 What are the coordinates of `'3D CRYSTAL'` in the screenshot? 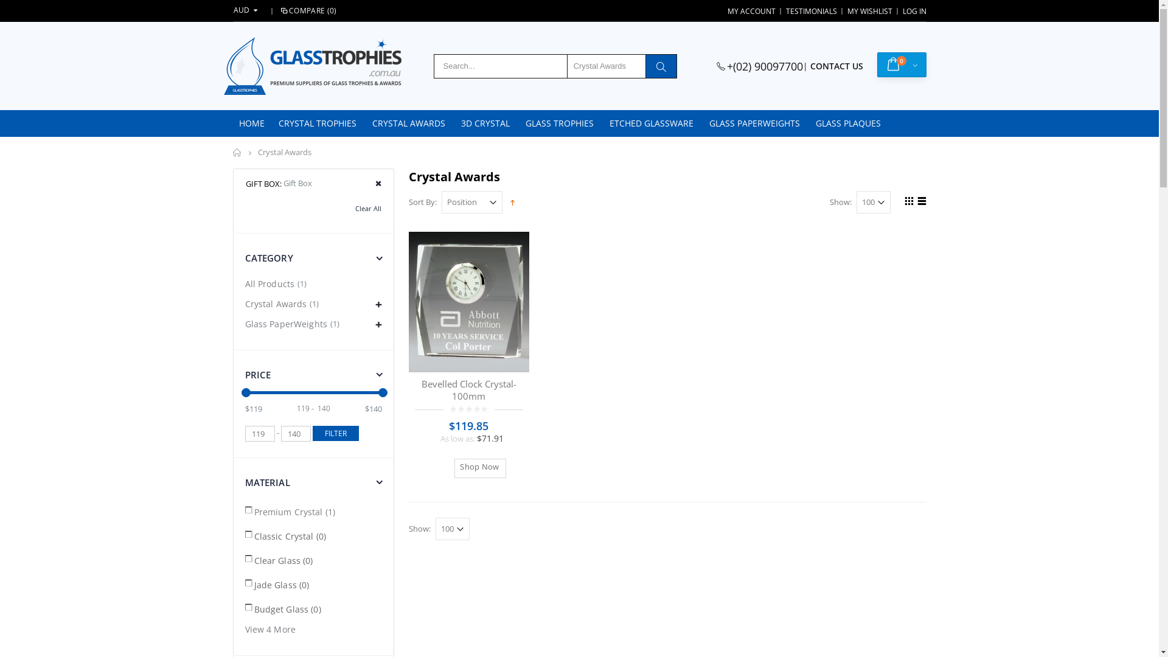 It's located at (484, 123).